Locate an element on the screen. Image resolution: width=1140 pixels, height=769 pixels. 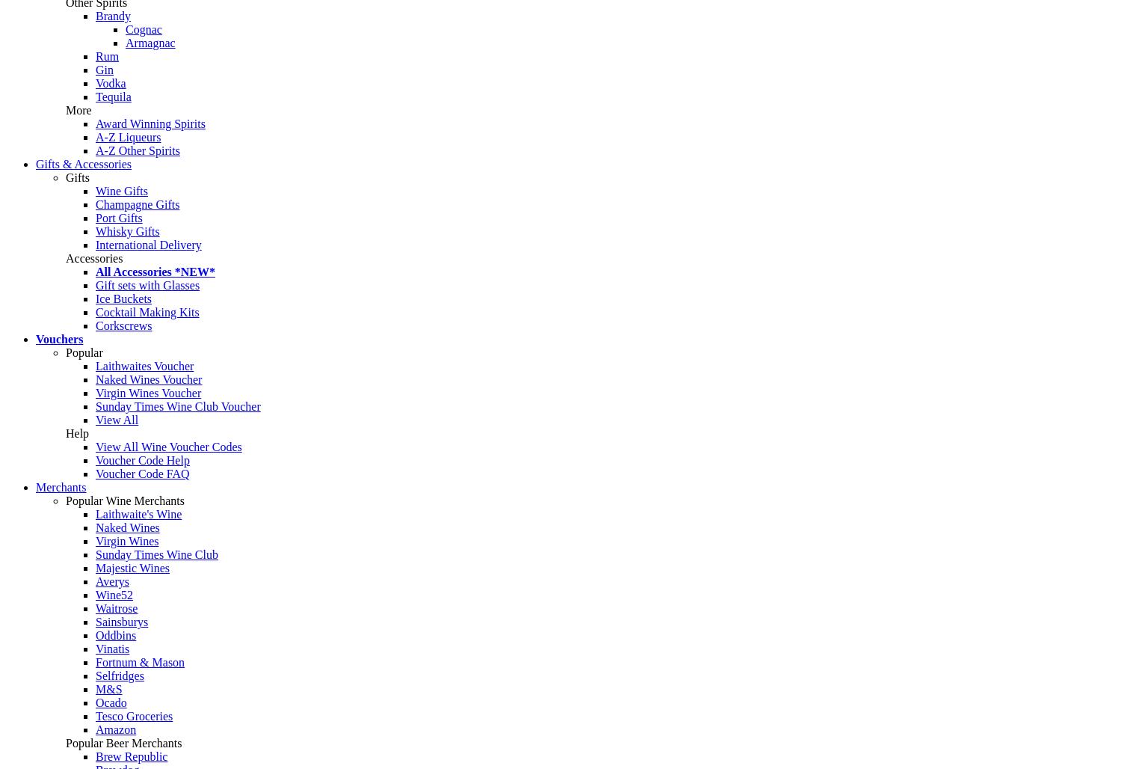
'Gifts & Accessories' is located at coordinates (83, 163).